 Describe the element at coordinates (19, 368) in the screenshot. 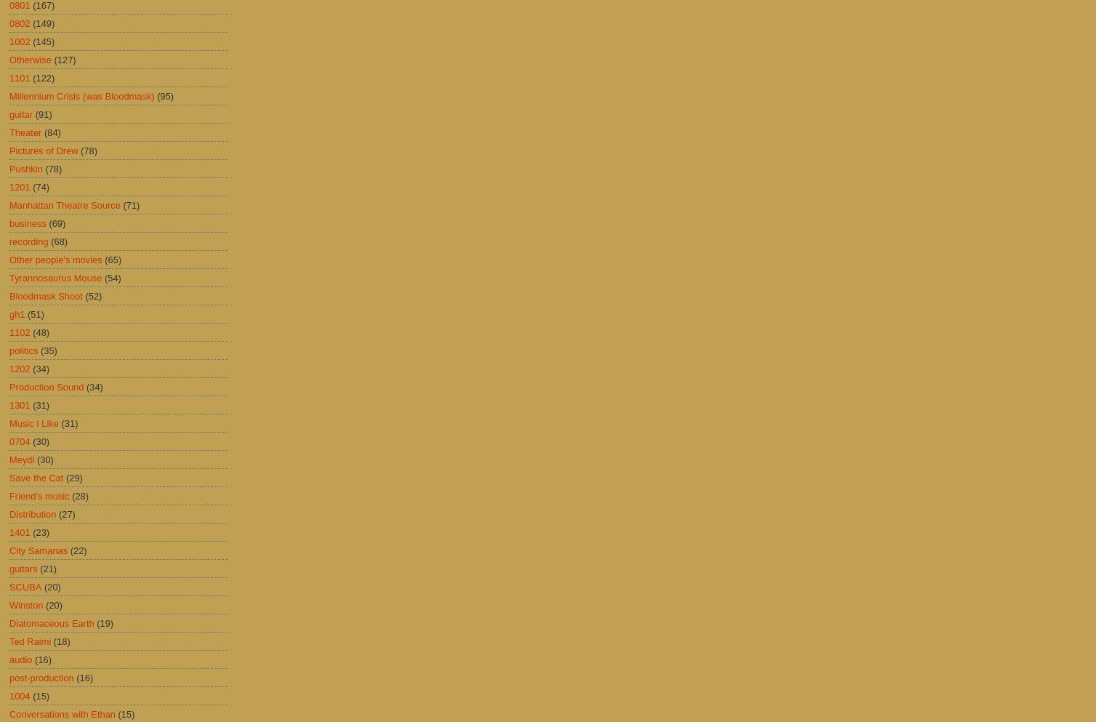

I see `'1202'` at that location.